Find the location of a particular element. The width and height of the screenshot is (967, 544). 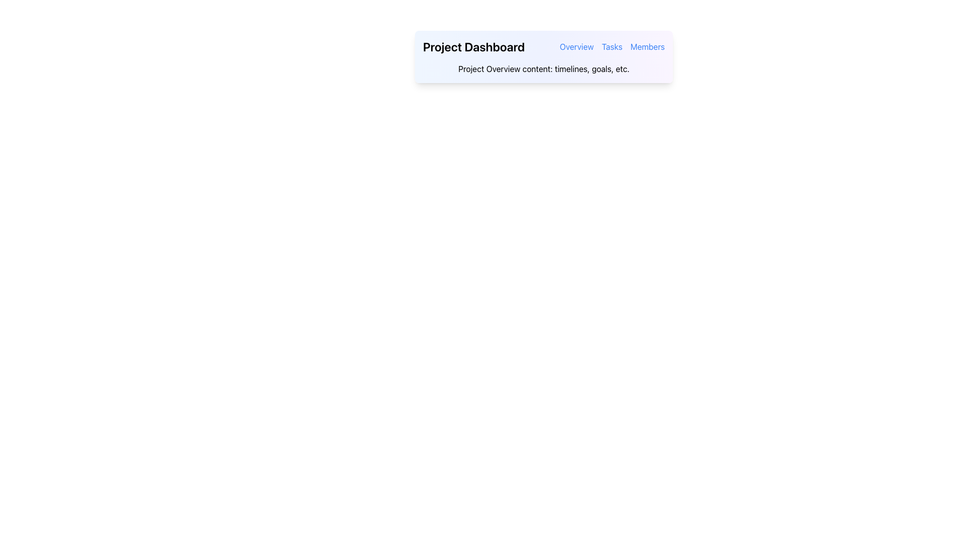

the primary title 'Project Dashboard' located in the header section of the interface is located at coordinates (473, 46).